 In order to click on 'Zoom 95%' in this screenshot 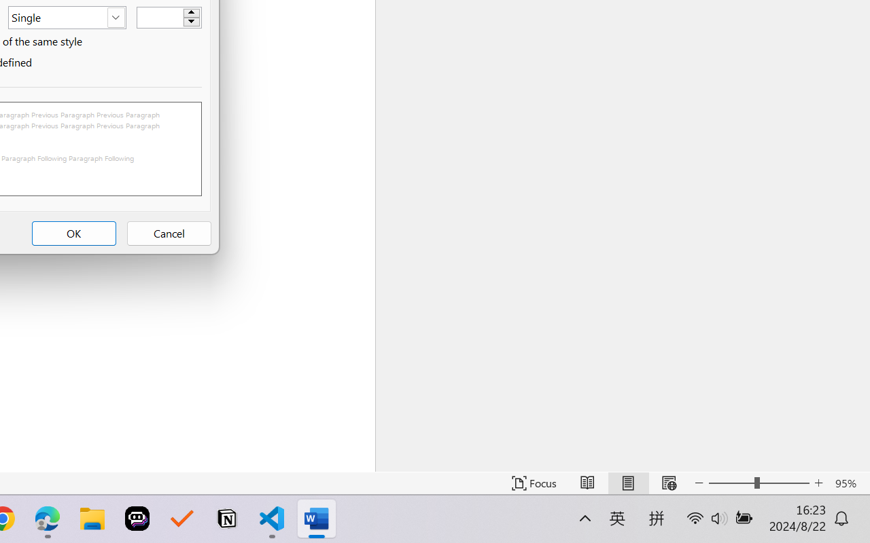, I will do `click(848, 483)`.